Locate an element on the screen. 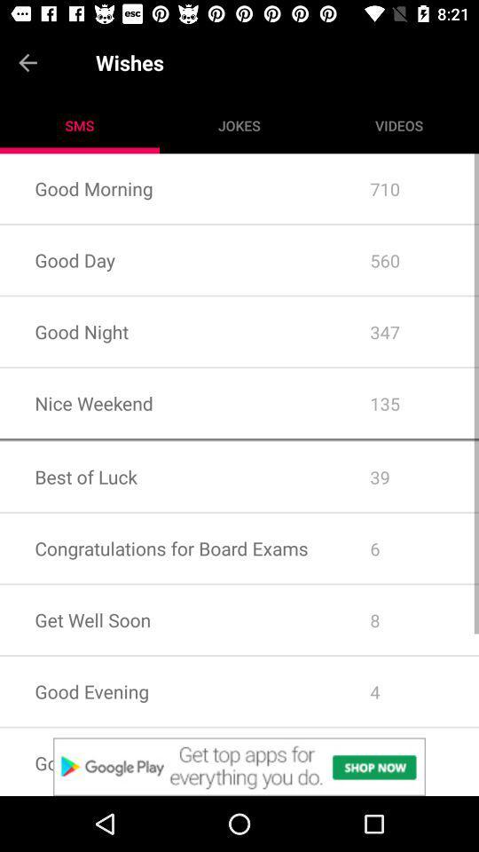  560 is located at coordinates (407, 259).